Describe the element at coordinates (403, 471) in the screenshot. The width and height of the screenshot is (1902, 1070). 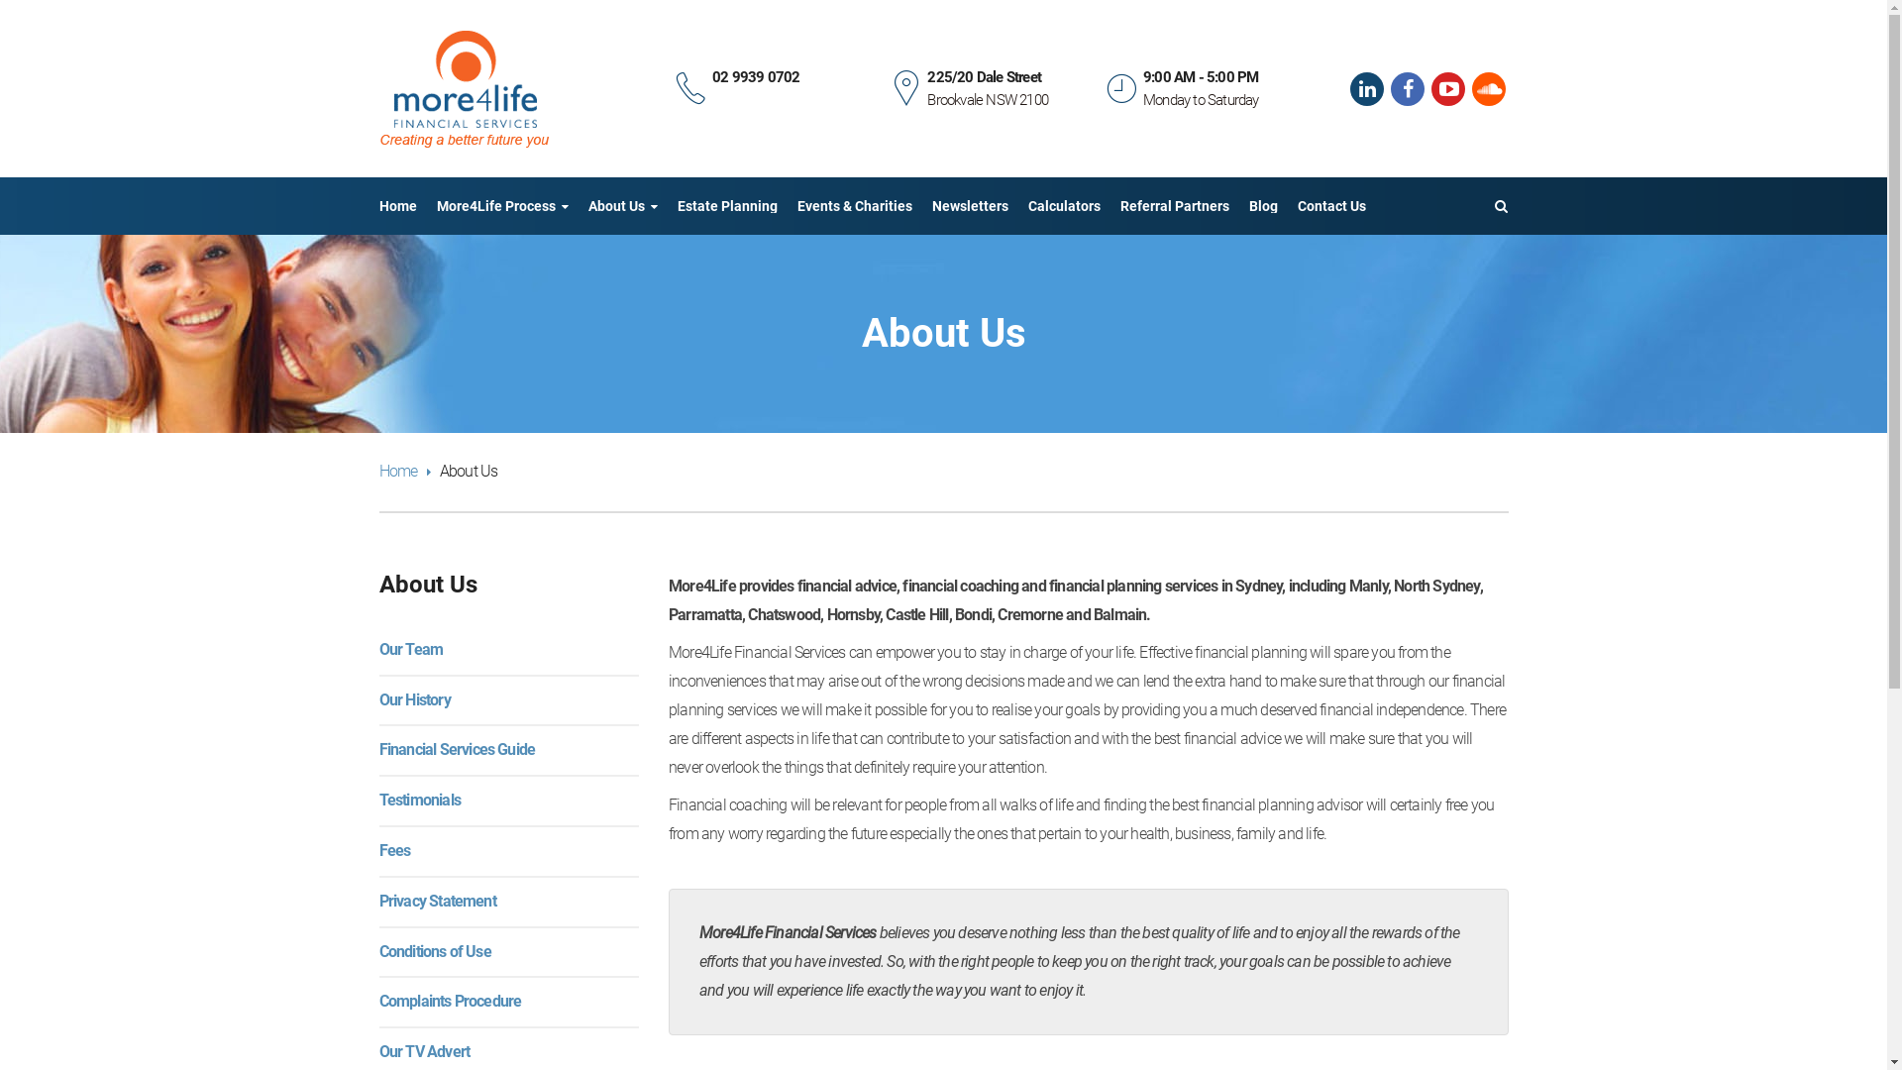
I see `'Home'` at that location.